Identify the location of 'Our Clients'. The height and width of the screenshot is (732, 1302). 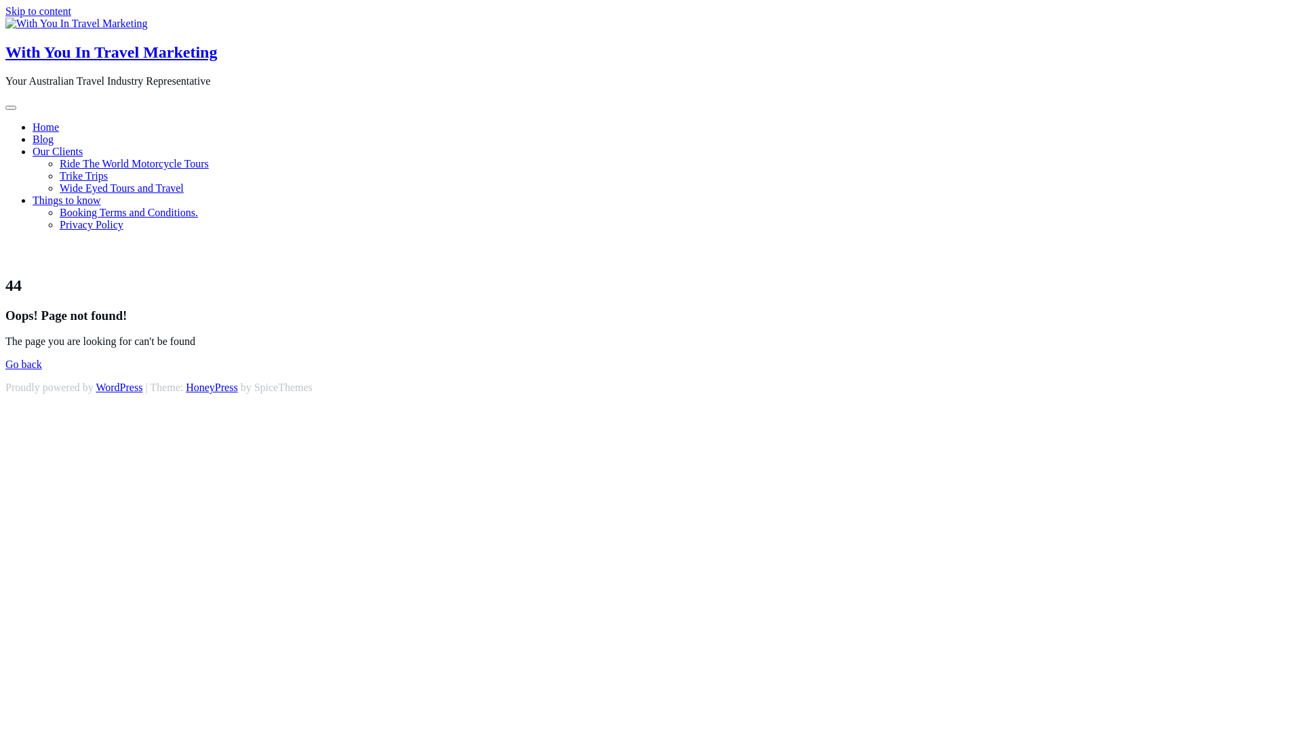
(57, 151).